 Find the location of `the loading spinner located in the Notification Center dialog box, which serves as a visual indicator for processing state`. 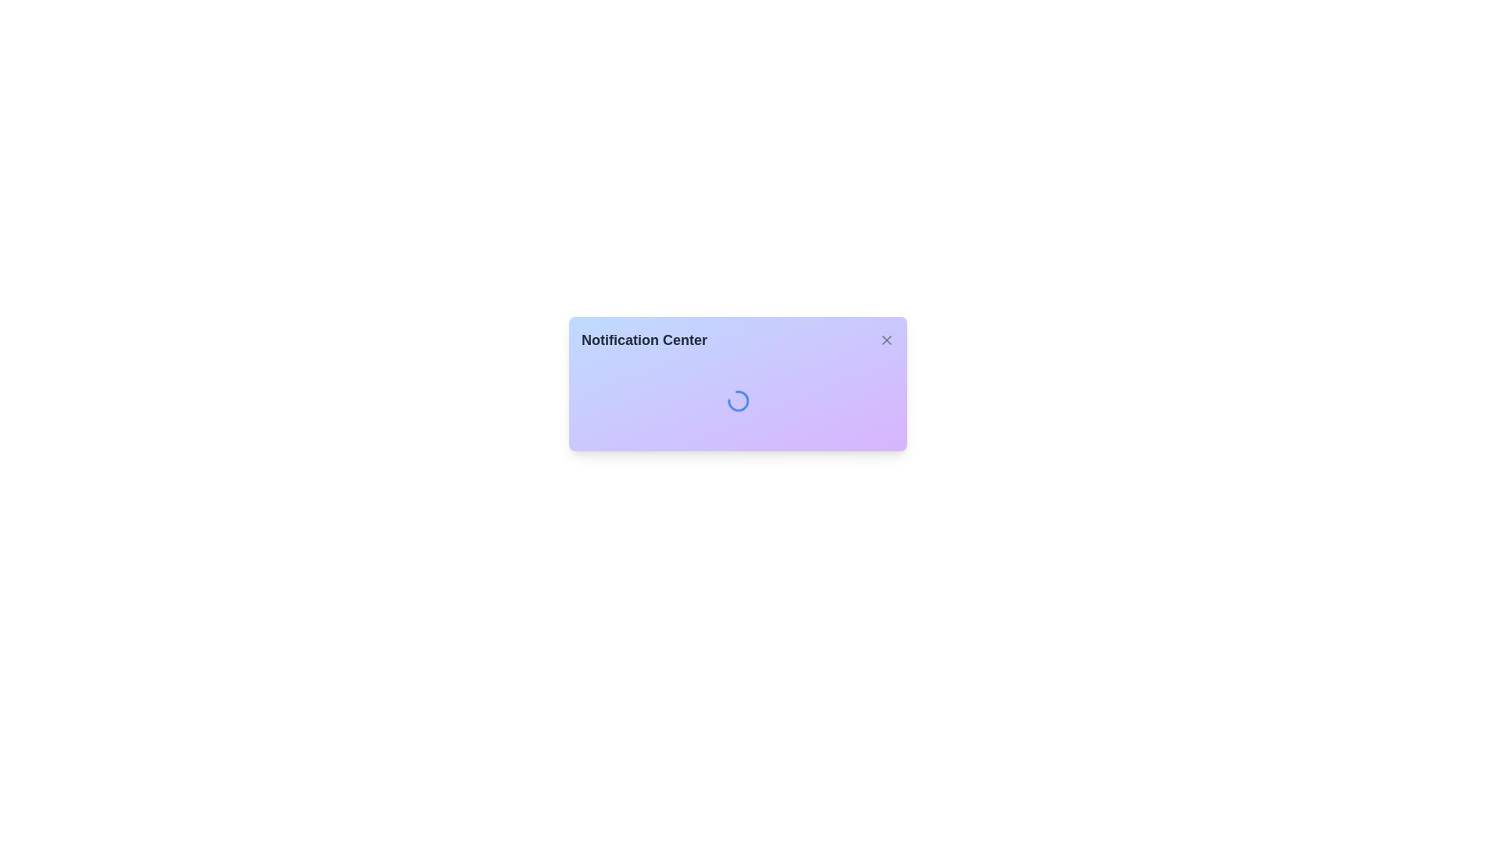

the loading spinner located in the Notification Center dialog box, which serves as a visual indicator for processing state is located at coordinates (737, 400).